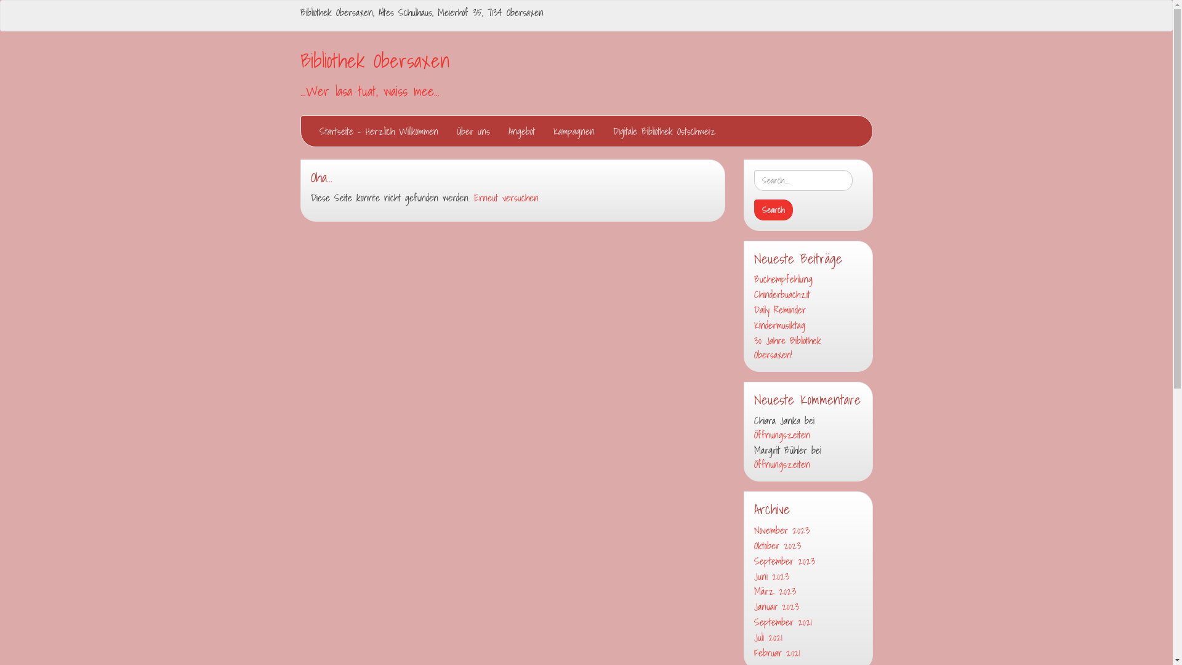  I want to click on 'Chinderbuachzit', so click(807, 294).